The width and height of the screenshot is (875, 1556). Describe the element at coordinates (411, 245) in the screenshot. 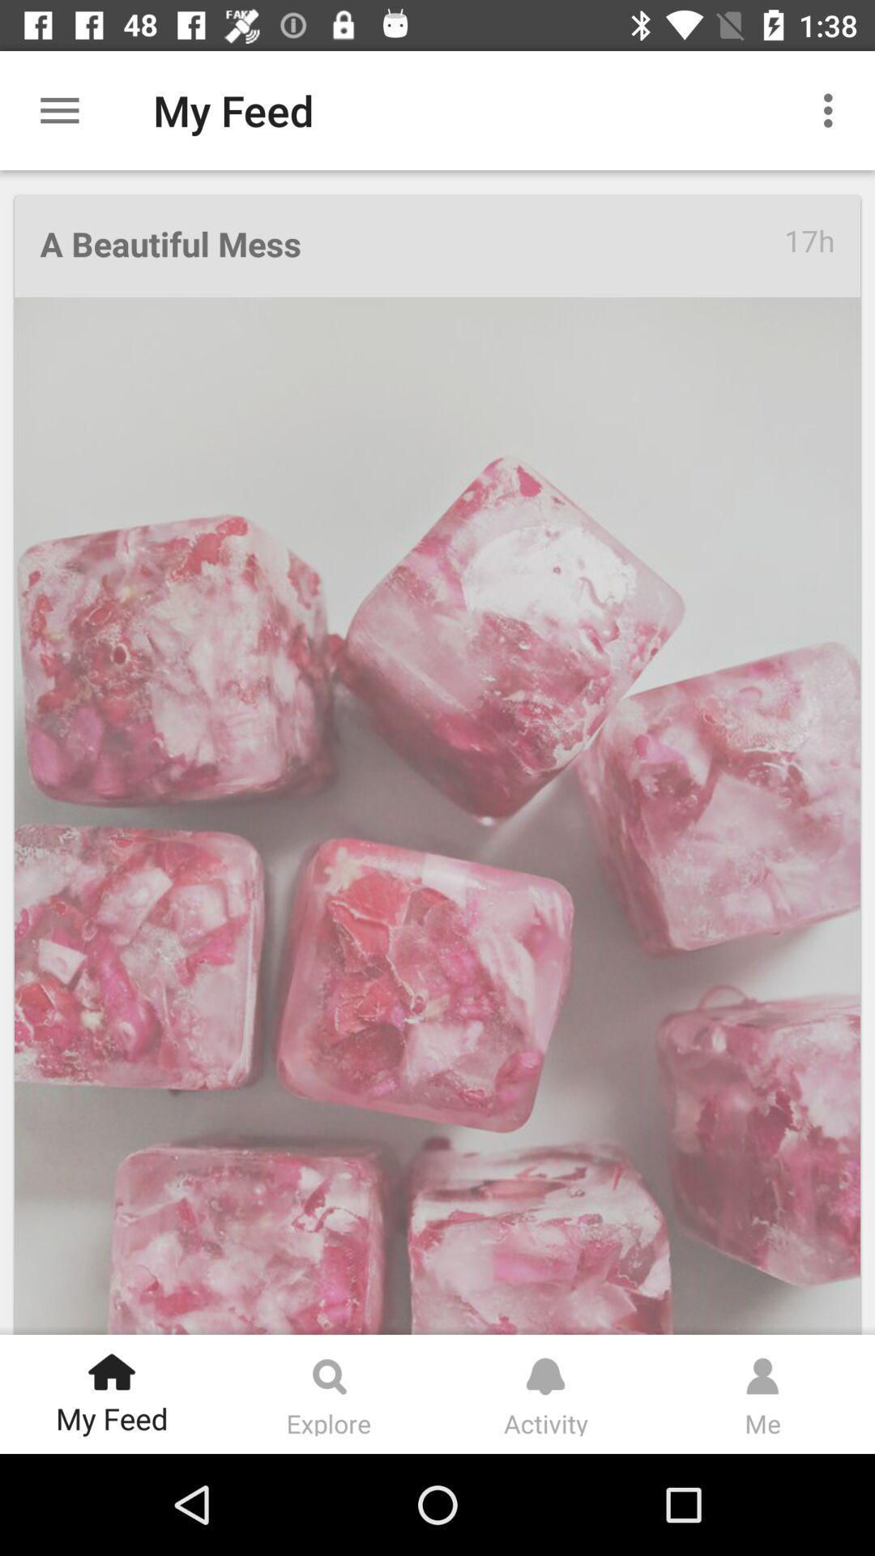

I see `icon at the top` at that location.